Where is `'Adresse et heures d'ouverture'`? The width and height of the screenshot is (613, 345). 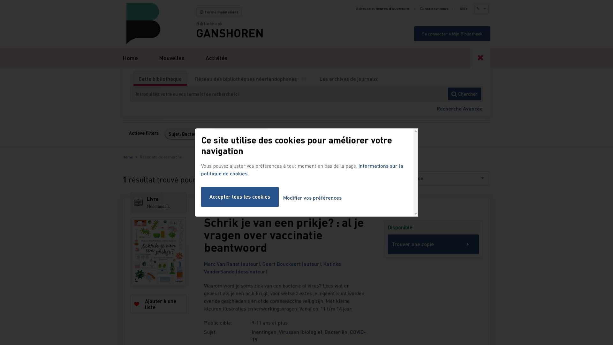 'Adresse et heures d'ouverture' is located at coordinates (382, 9).